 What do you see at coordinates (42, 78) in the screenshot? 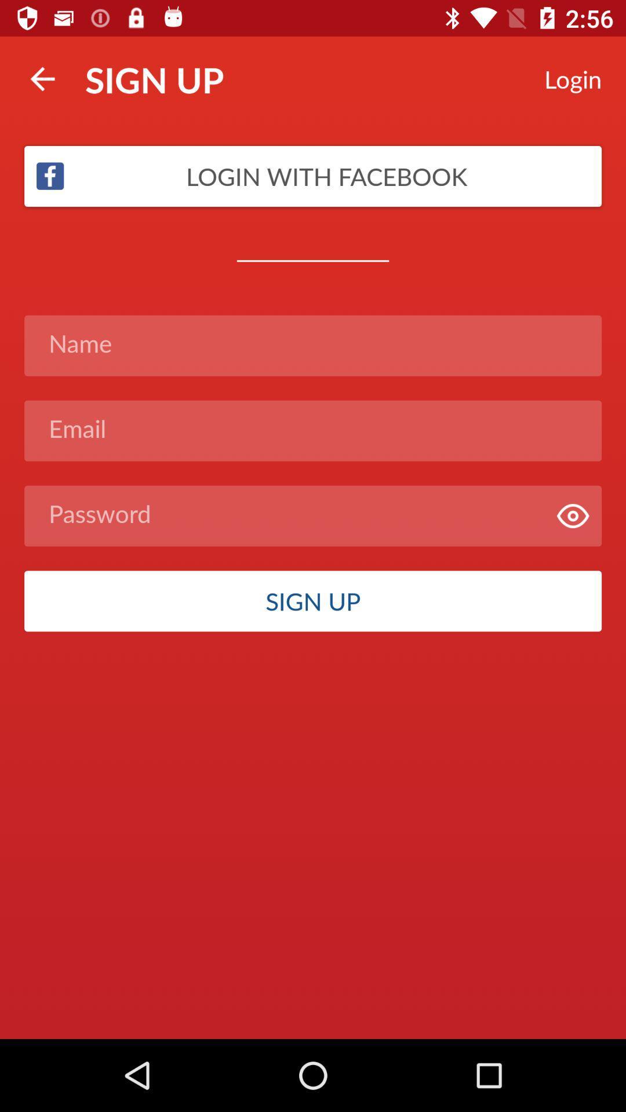
I see `the icon above login with facebook item` at bounding box center [42, 78].